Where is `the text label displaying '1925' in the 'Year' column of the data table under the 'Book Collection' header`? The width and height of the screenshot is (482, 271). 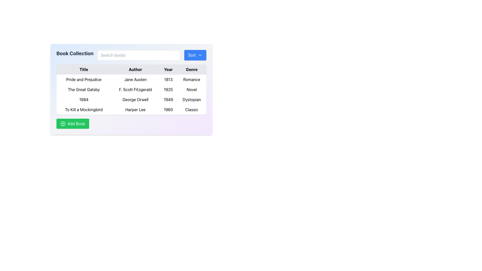
the text label displaying '1925' in the 'Year' column of the data table under the 'Book Collection' header is located at coordinates (168, 89).